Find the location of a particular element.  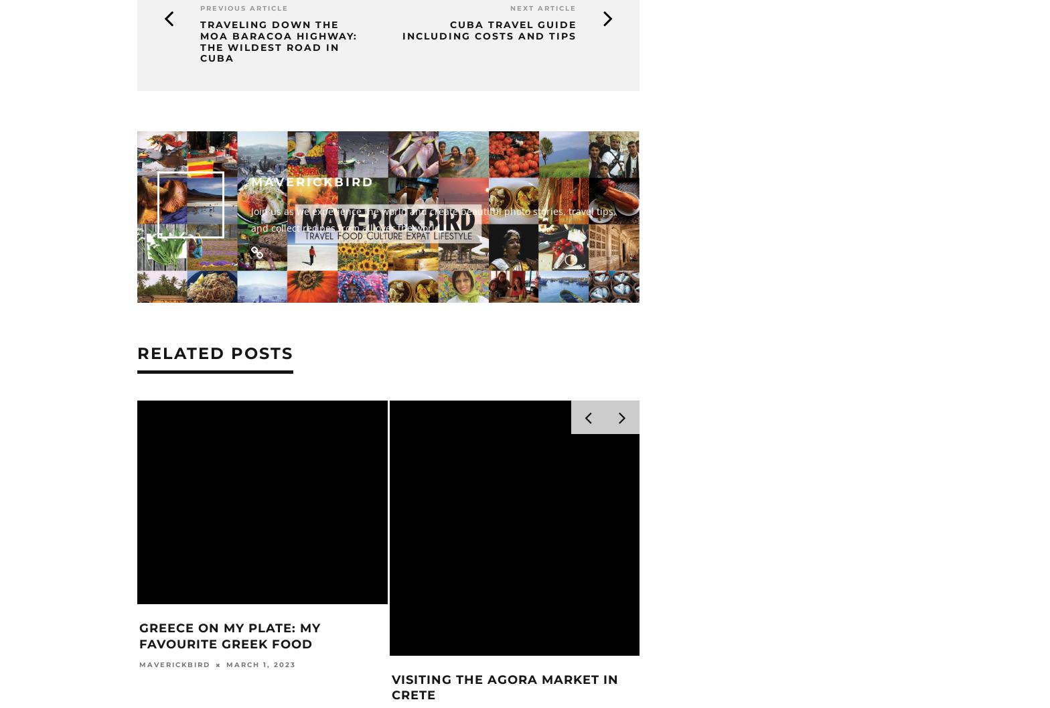

'Life on Srinagar lakes Instagrammed' is located at coordinates (473, 687).